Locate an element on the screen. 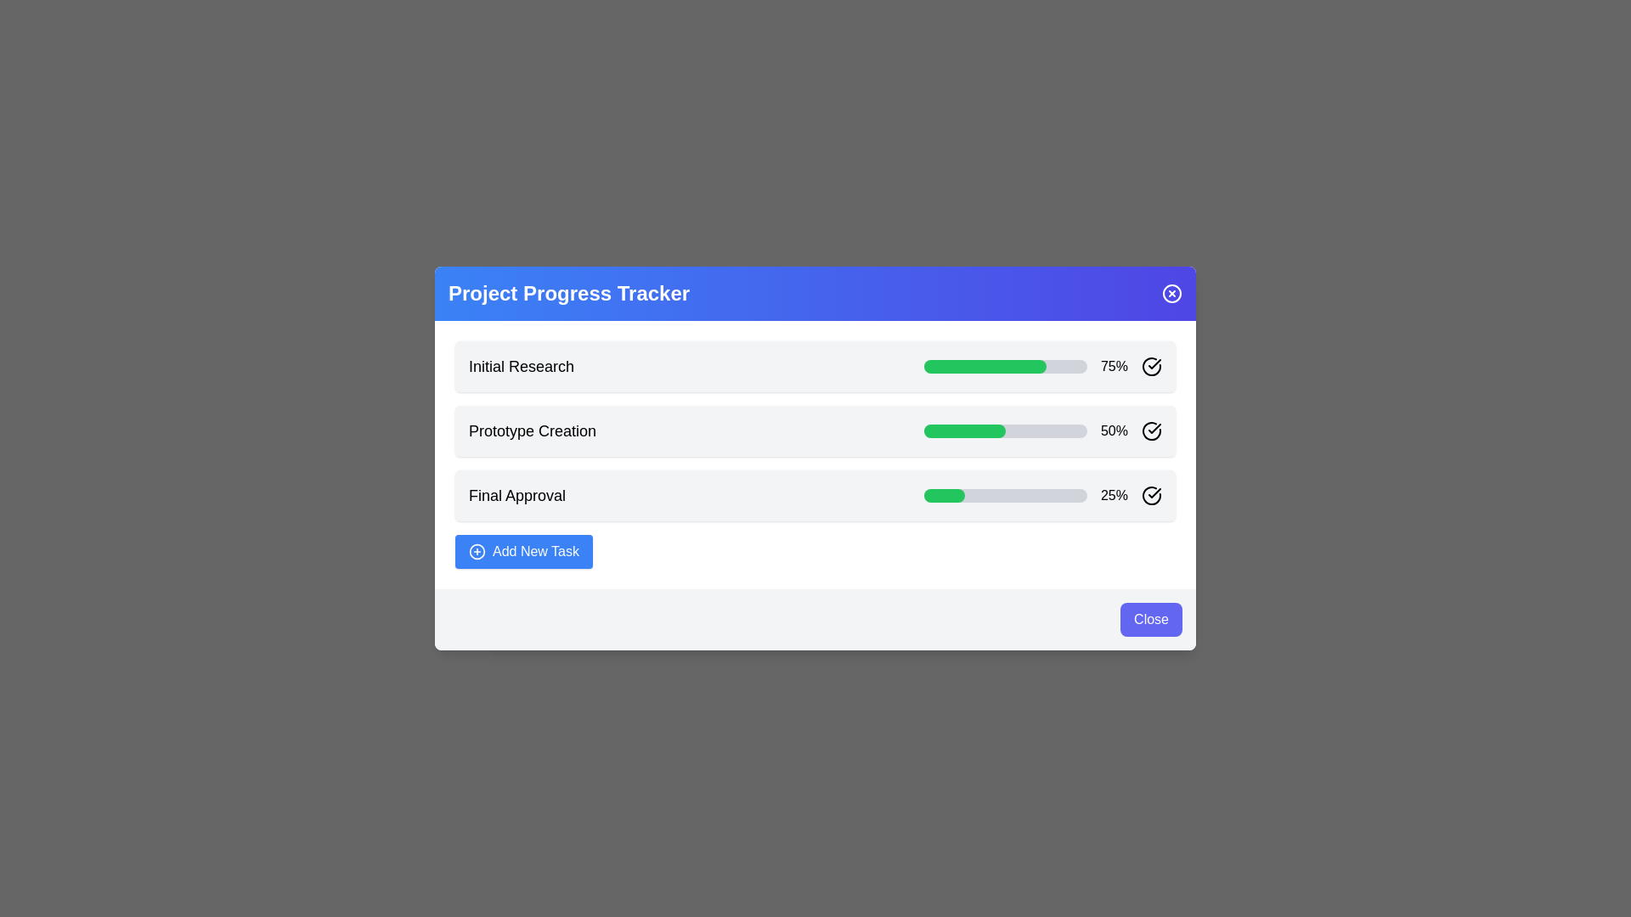 The height and width of the screenshot is (917, 1631). and read the content of the text label displaying '75%' in bold font, located to the right of the green progress bar for the 'Initial Research' task is located at coordinates (1114, 366).